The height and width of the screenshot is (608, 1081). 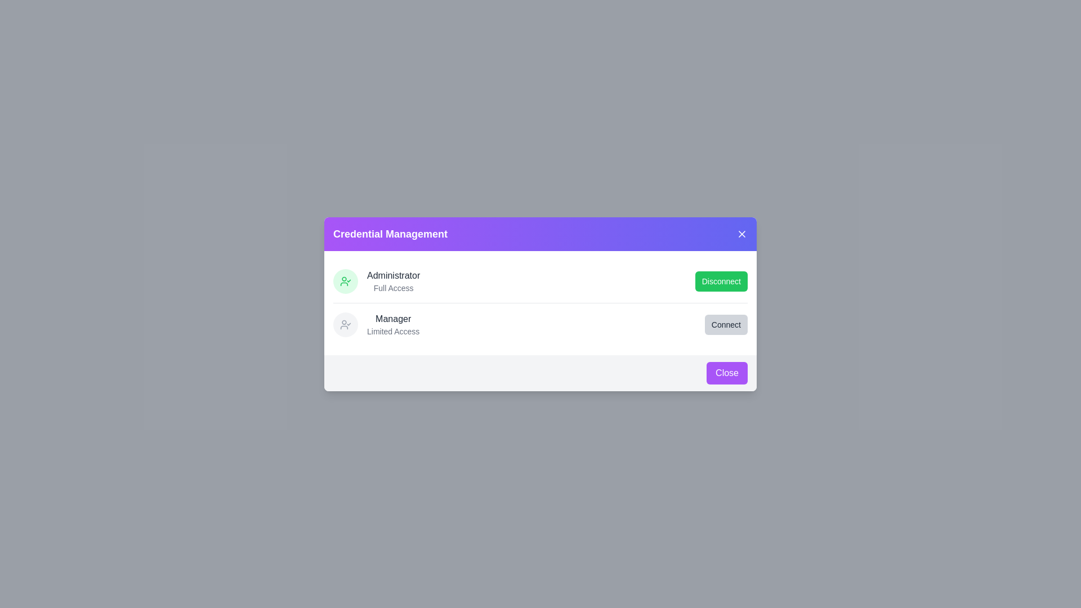 I want to click on the 'Administrator' label which is a medium-weight, dark gray text located under 'Credential Management', next to a green user icon, so click(x=394, y=275).